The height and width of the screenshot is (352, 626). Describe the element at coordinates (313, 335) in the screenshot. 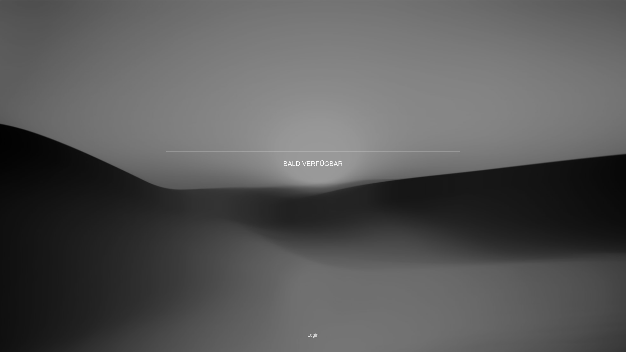

I see `'Login'` at that location.